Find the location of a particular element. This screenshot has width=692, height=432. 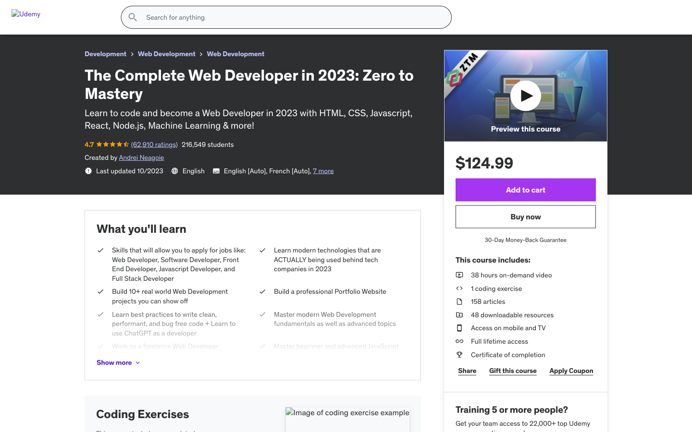

View color in aquamarine, choose Medium size, move to following images is located at coordinates (499, 185).